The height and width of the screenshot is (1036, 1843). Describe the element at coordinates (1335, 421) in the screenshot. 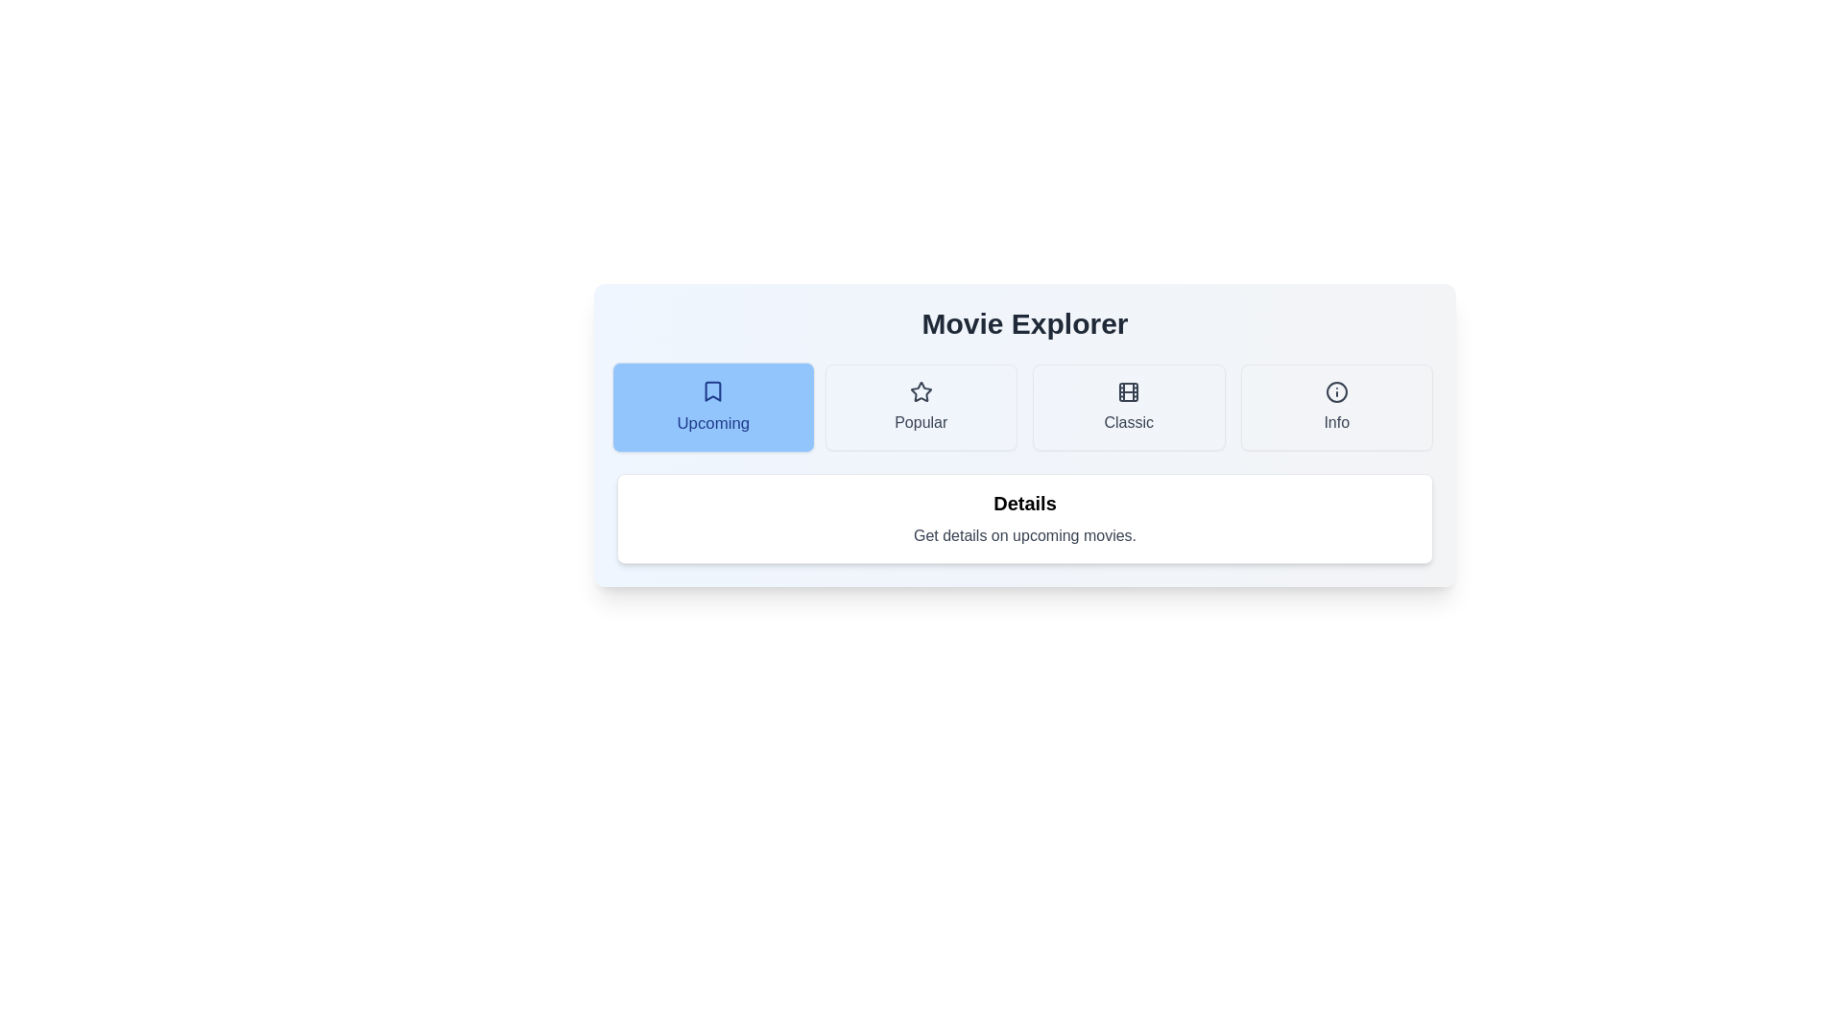

I see `'Info' text label, which is styled in dark color and located beneath an information icon, for accessibility information` at that location.